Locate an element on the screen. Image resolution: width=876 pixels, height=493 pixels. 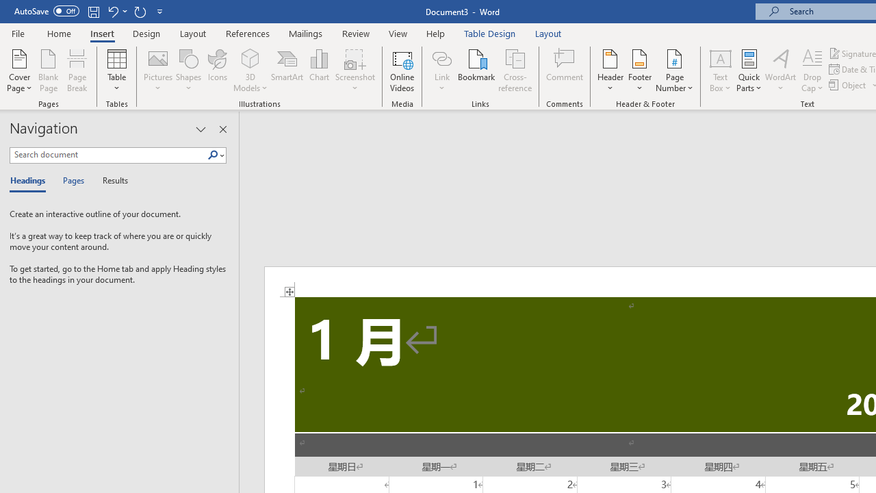
'Link' is located at coordinates (441, 71).